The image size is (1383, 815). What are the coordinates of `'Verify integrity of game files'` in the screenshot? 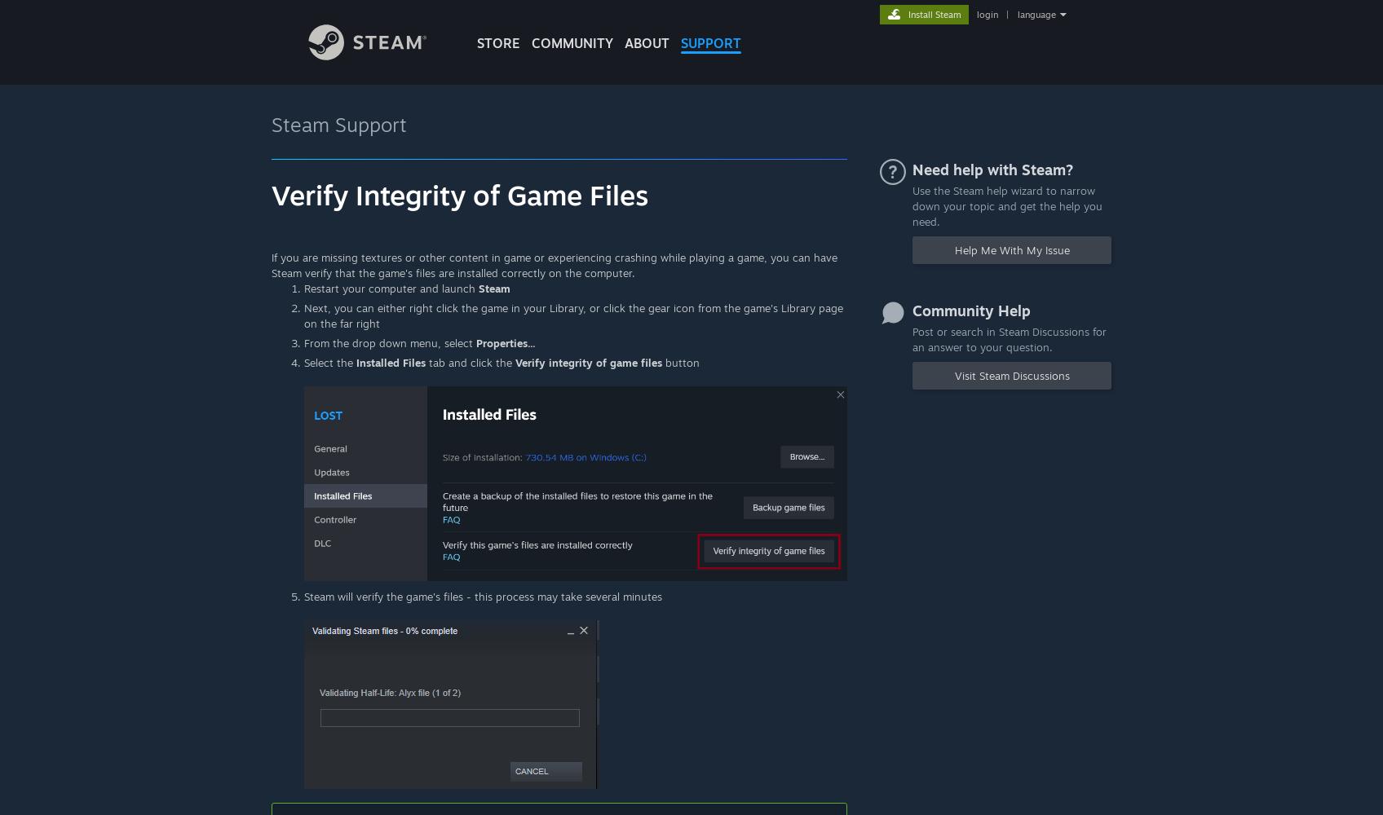 It's located at (588, 362).